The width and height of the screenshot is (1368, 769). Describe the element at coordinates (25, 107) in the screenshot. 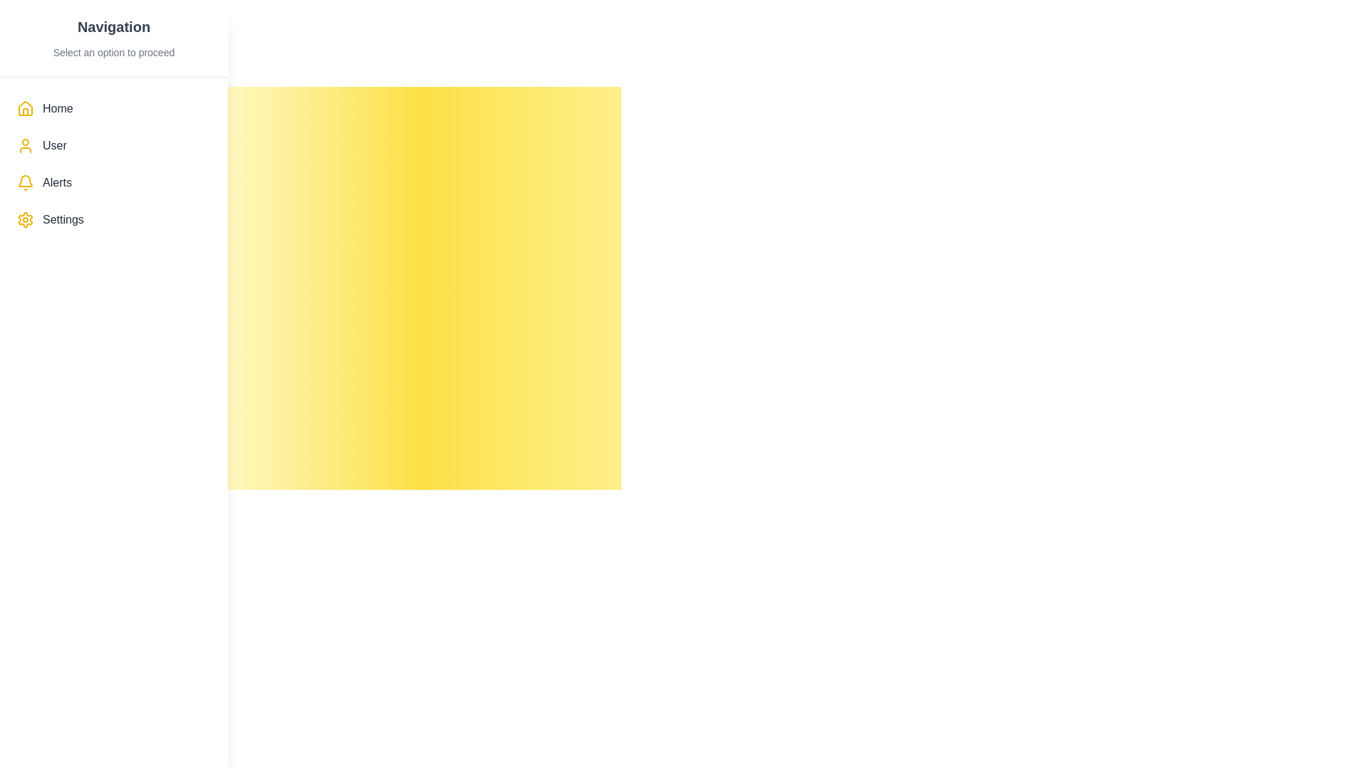

I see `the 'Home' icon located in the left-side navigation panel` at that location.